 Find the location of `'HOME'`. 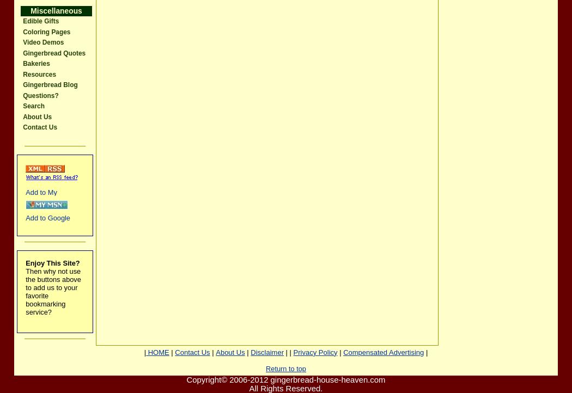

'HOME' is located at coordinates (156, 352).